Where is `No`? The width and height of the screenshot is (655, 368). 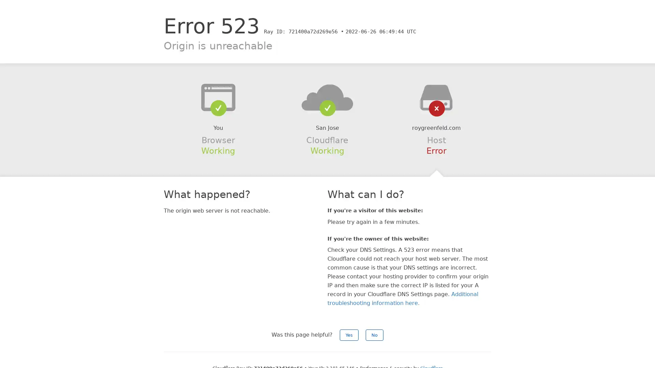 No is located at coordinates (374, 335).